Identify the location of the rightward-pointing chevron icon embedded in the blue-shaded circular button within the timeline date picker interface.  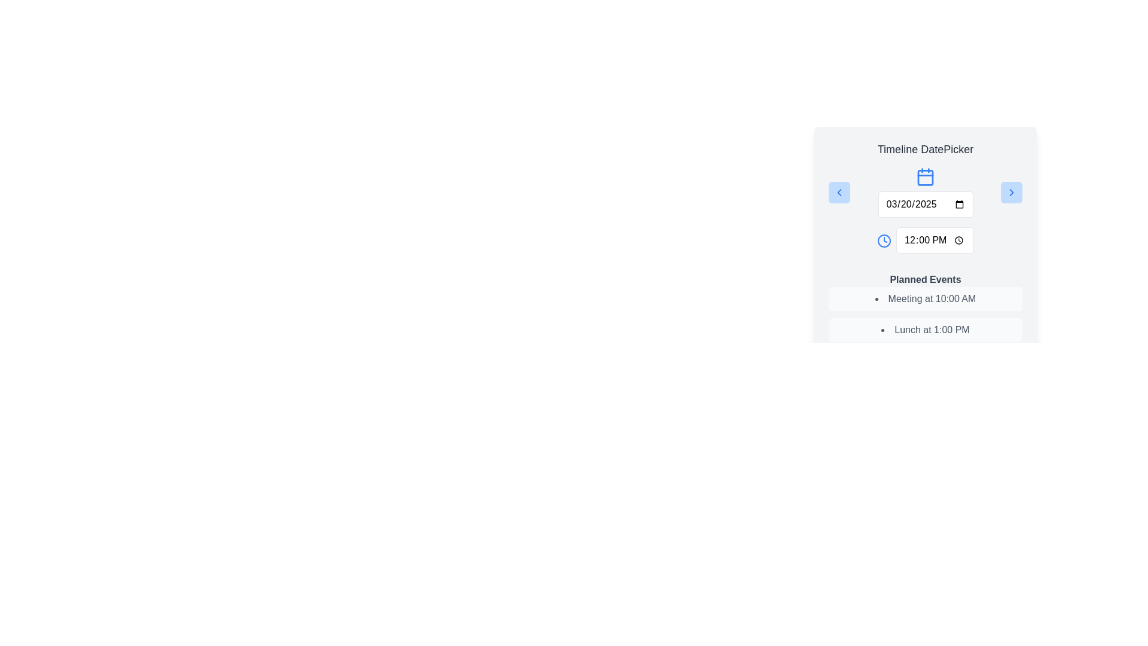
(1010, 191).